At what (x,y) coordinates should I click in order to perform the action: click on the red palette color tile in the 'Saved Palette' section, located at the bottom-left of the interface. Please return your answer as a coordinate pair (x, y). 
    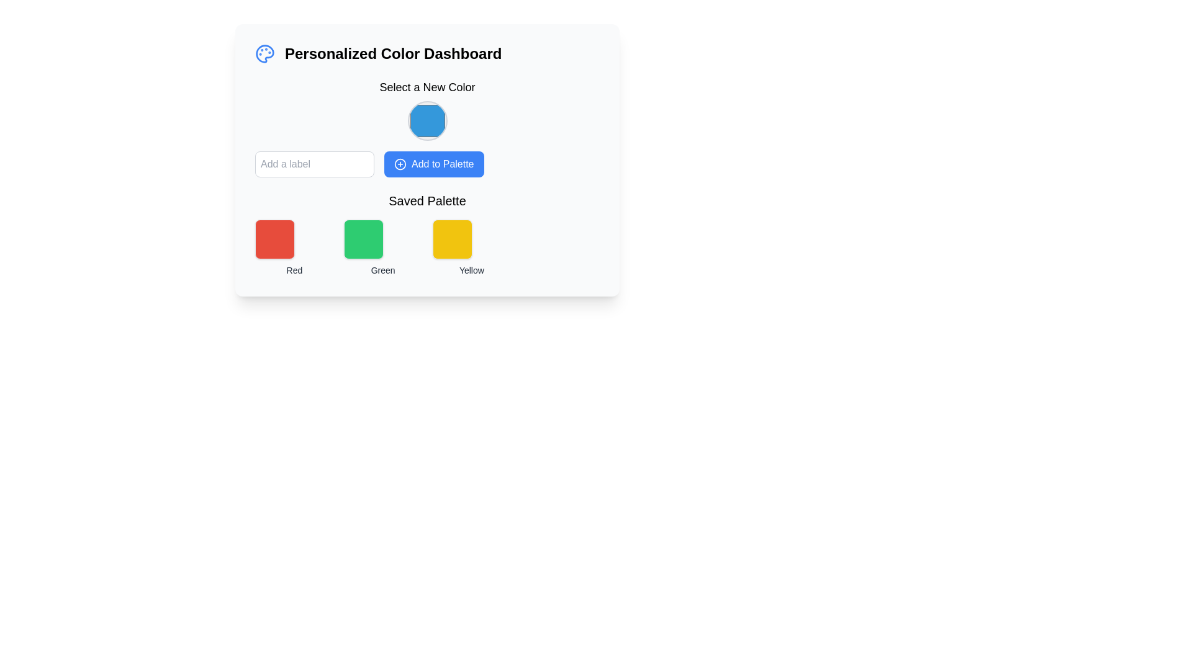
    Looking at the image, I should click on (274, 239).